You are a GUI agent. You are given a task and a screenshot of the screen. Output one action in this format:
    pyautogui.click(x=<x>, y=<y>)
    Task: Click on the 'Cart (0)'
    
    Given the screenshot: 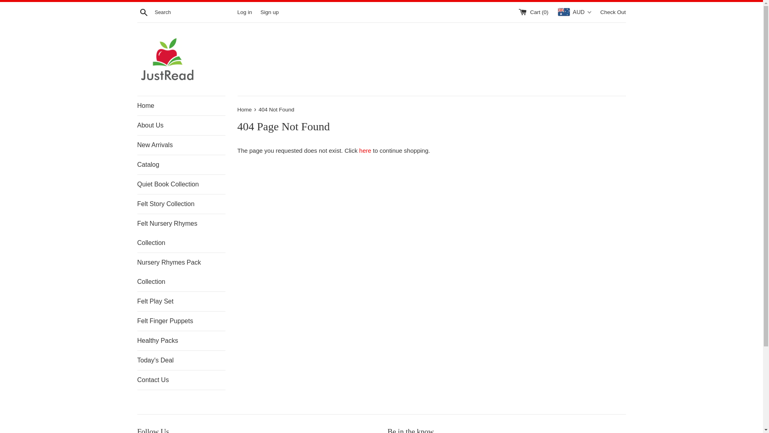 What is the action you would take?
    pyautogui.click(x=534, y=12)
    